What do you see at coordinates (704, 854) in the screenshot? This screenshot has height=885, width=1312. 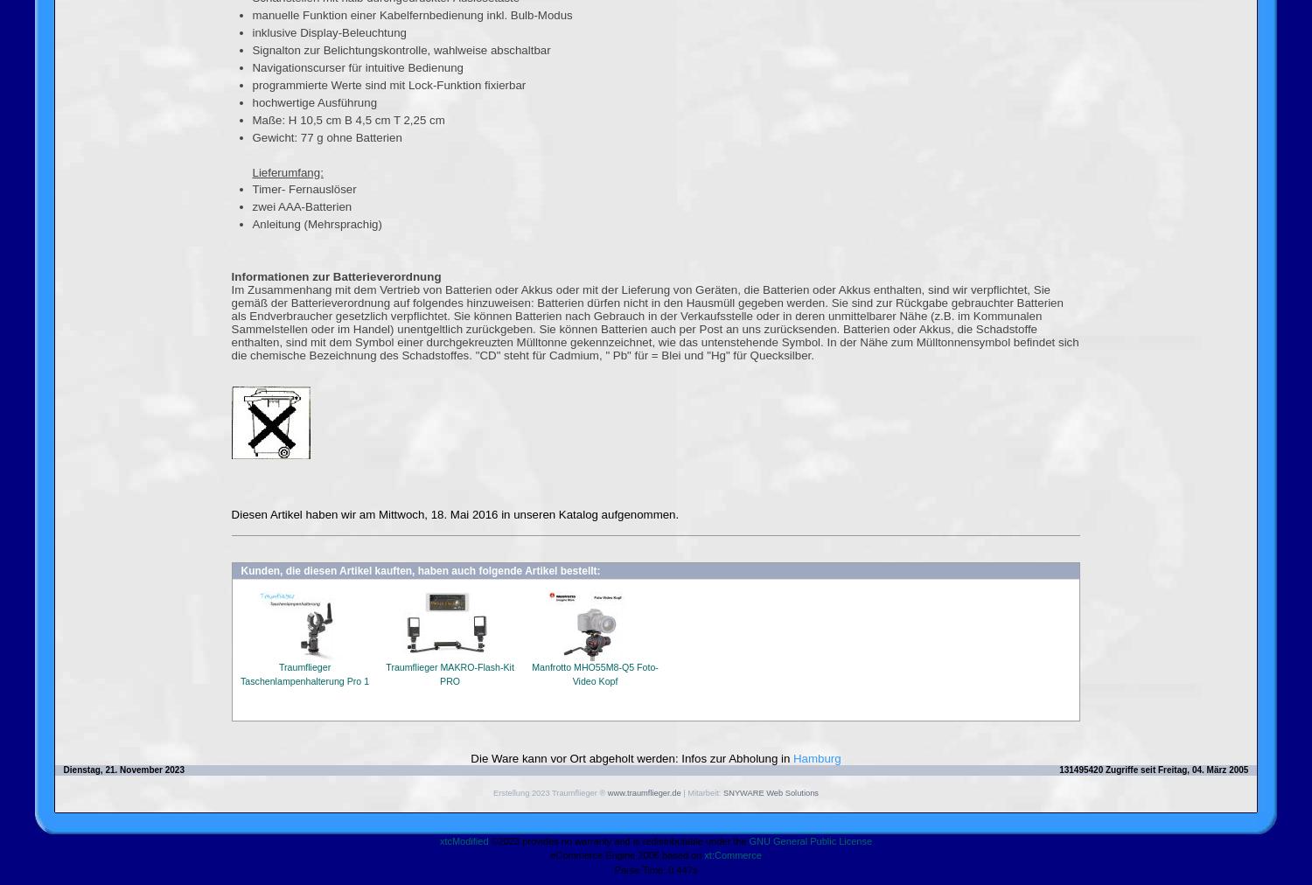 I see `'xt:Commerce'` at bounding box center [704, 854].